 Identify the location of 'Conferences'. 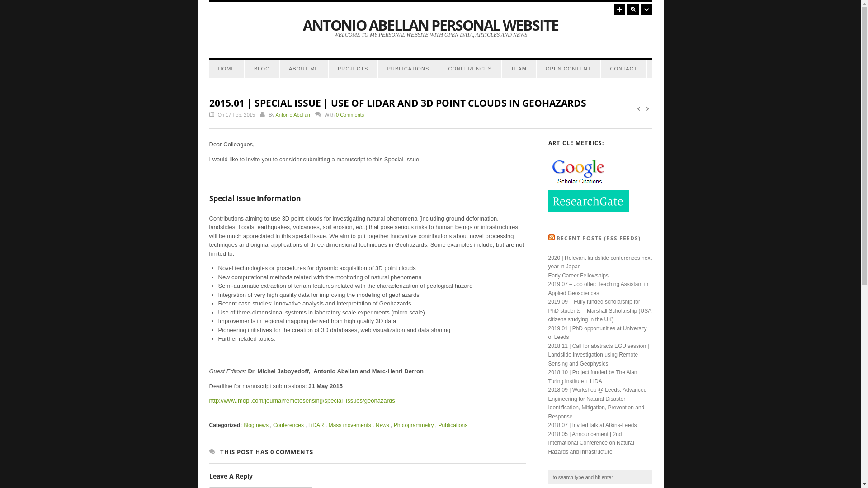
(273, 425).